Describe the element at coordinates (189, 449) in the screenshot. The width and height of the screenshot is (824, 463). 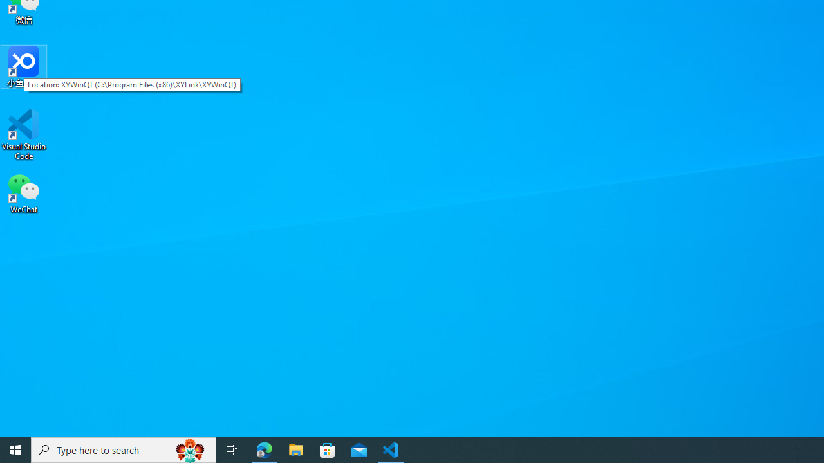
I see `'Search highlights icon opens search home window'` at that location.